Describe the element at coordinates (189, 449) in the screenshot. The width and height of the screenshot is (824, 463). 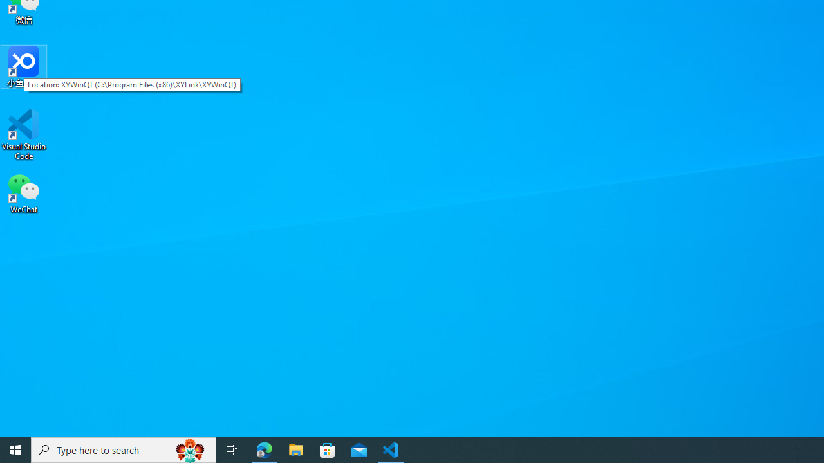
I see `'Search highlights icon opens search home window'` at that location.